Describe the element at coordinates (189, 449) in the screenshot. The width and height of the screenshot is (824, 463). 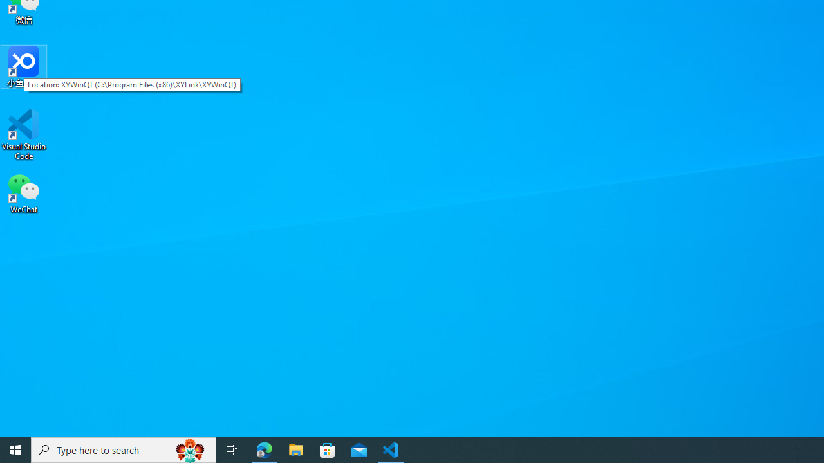
I see `'Search highlights icon opens search home window'` at that location.